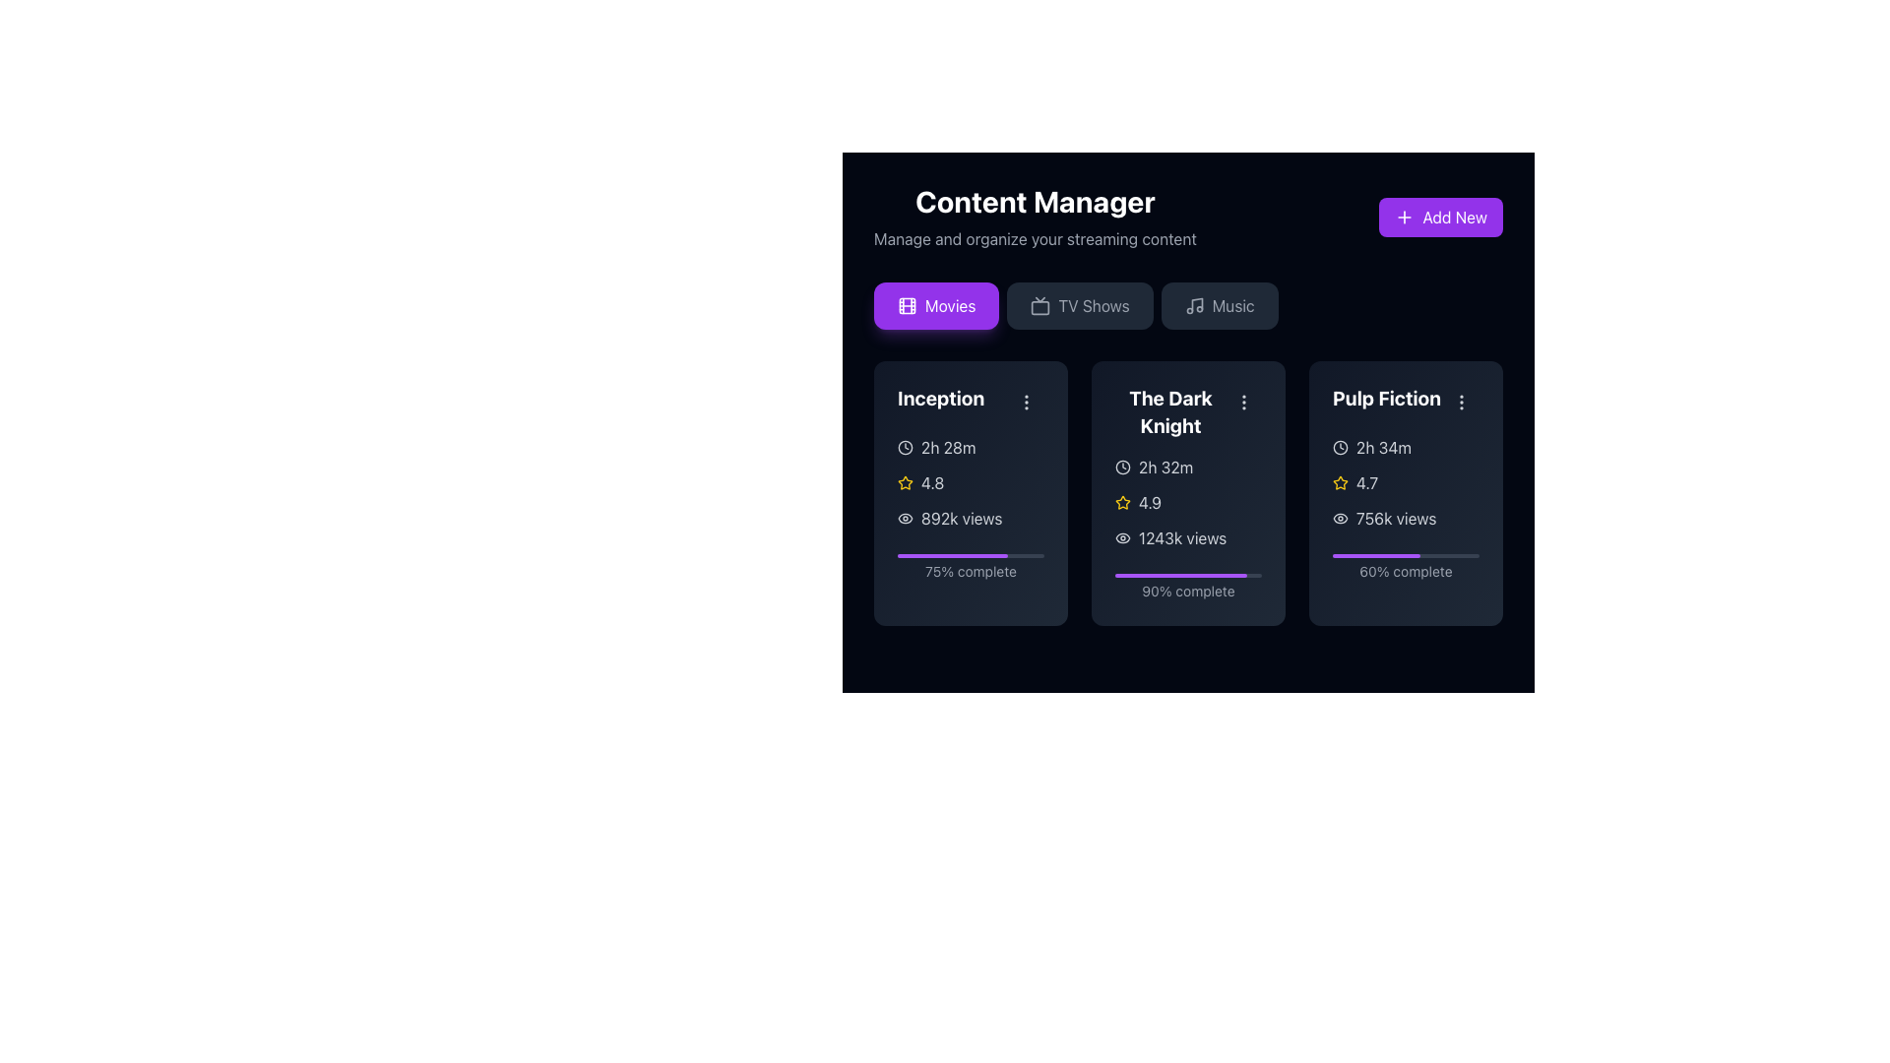 The height and width of the screenshot is (1063, 1890). I want to click on text label displaying 'Pulp Fiction', which is styled in bold, extra-large white font against a dark navy-blue background, located at the top-left of the movie card, so click(1386, 399).